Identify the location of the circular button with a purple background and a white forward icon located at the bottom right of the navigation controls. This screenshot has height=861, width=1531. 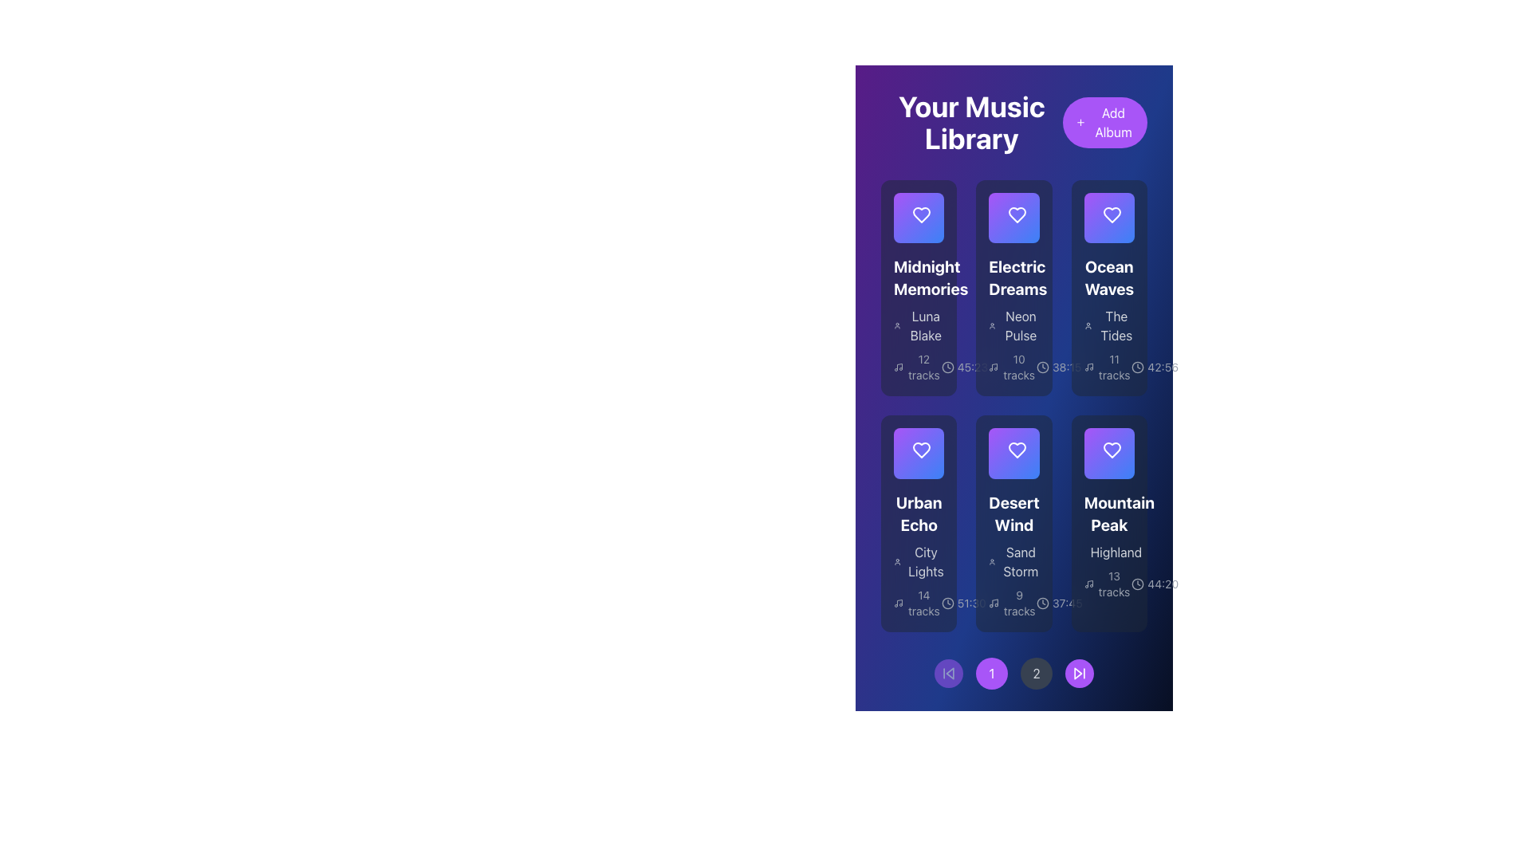
(1079, 673).